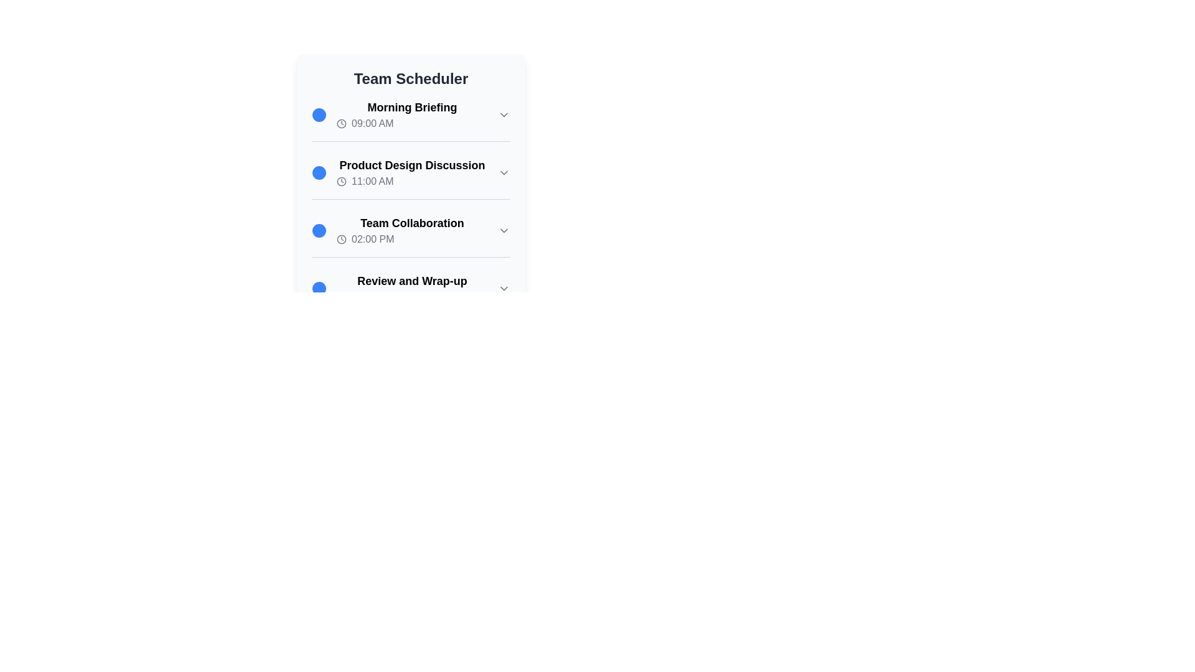 Image resolution: width=1195 pixels, height=672 pixels. What do you see at coordinates (504, 230) in the screenshot?
I see `the small downward-facing chevron icon located at the rightmost side of the 'Team Collaboration' entry in the scheduler interface` at bounding box center [504, 230].